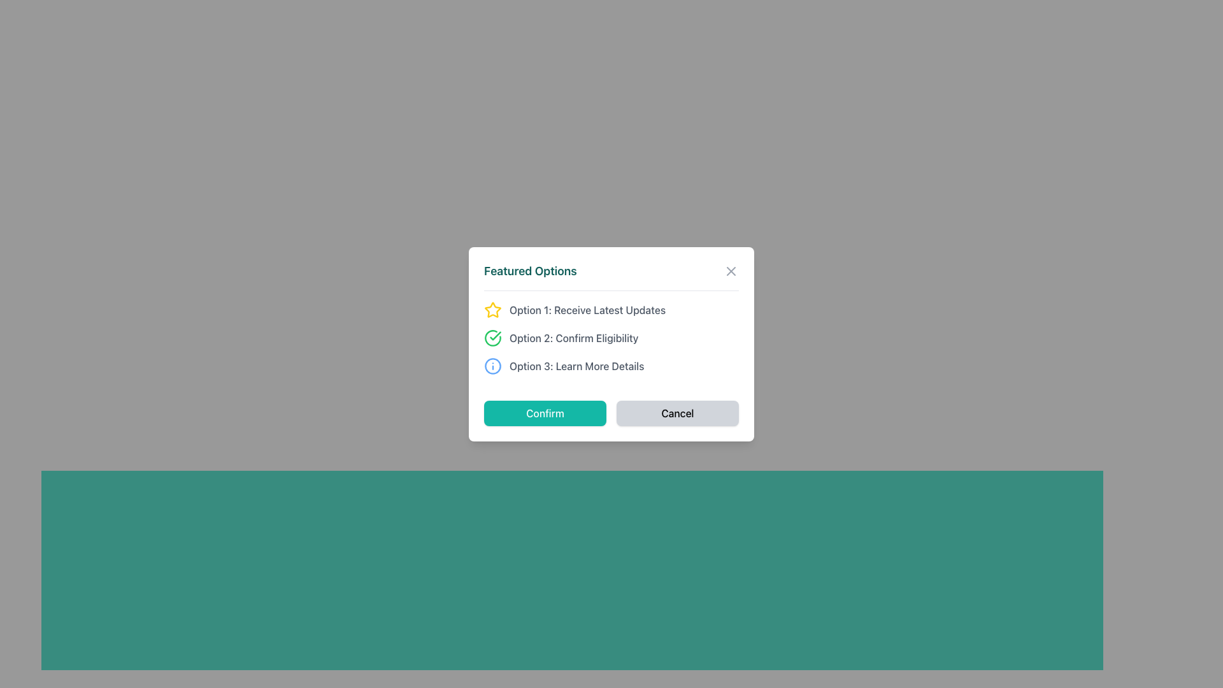 This screenshot has width=1223, height=688. I want to click on the static text label 'Option 2: Confirm Eligibility' located in the modal window under 'Featured Options', so click(573, 337).